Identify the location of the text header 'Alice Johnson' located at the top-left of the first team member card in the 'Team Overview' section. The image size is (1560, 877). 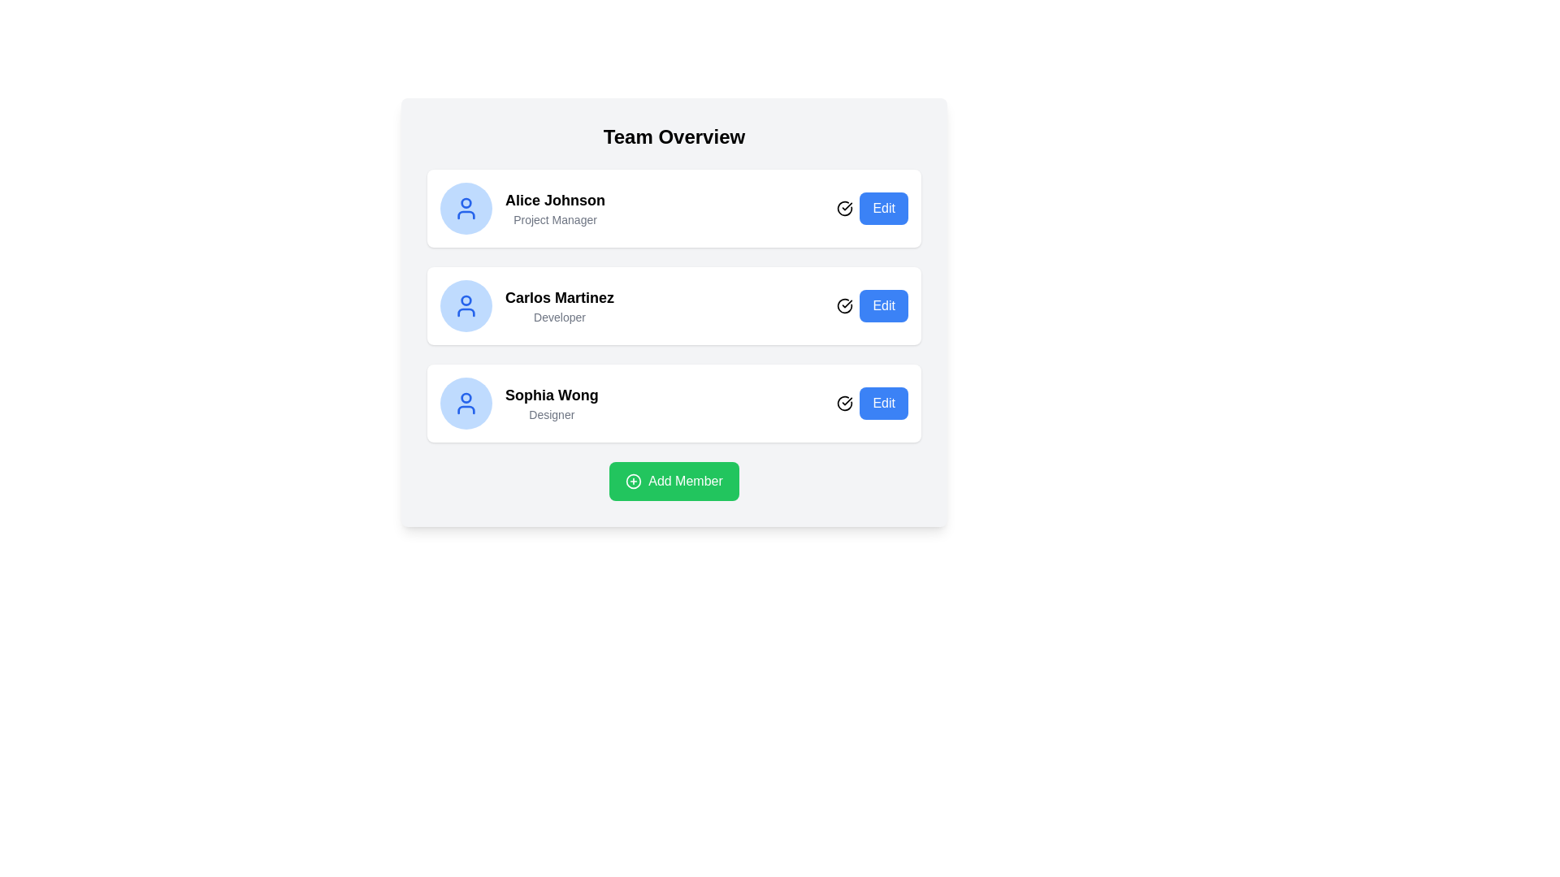
(555, 199).